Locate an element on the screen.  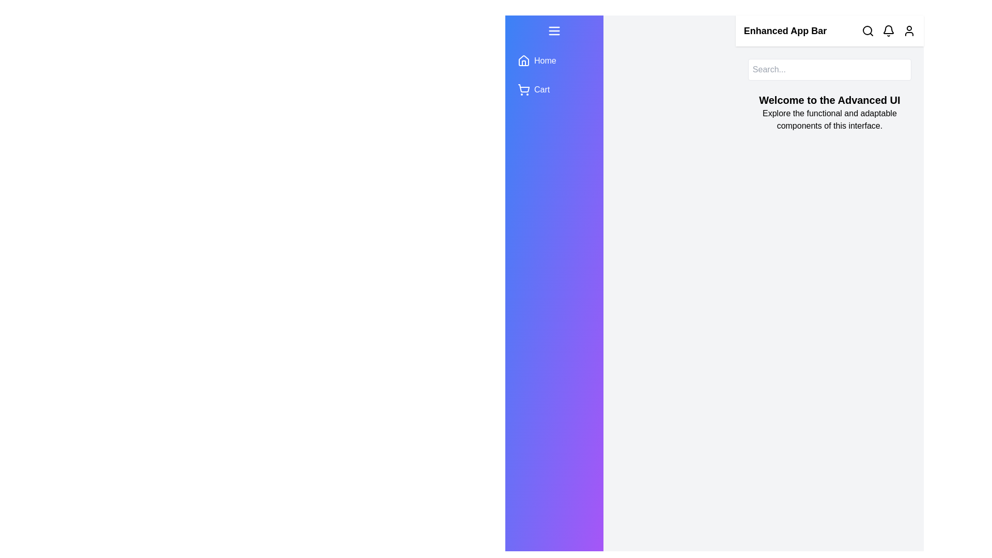
the user profile icon in the app bar is located at coordinates (909, 30).